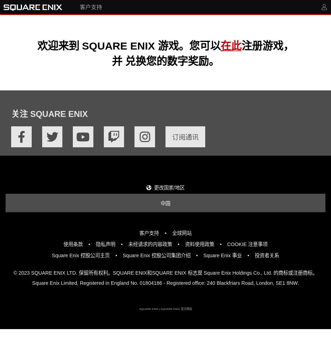 Image resolution: width=331 pixels, height=349 pixels. What do you see at coordinates (165, 273) in the screenshot?
I see `'© 2023 SQUARE ENIX LTD. 保留所有权利。SQUARE ENIX和SQUARE ENIX 标志是 Square Enix Holdings Co., Ltd. 的商标或注册商标。'` at bounding box center [165, 273].